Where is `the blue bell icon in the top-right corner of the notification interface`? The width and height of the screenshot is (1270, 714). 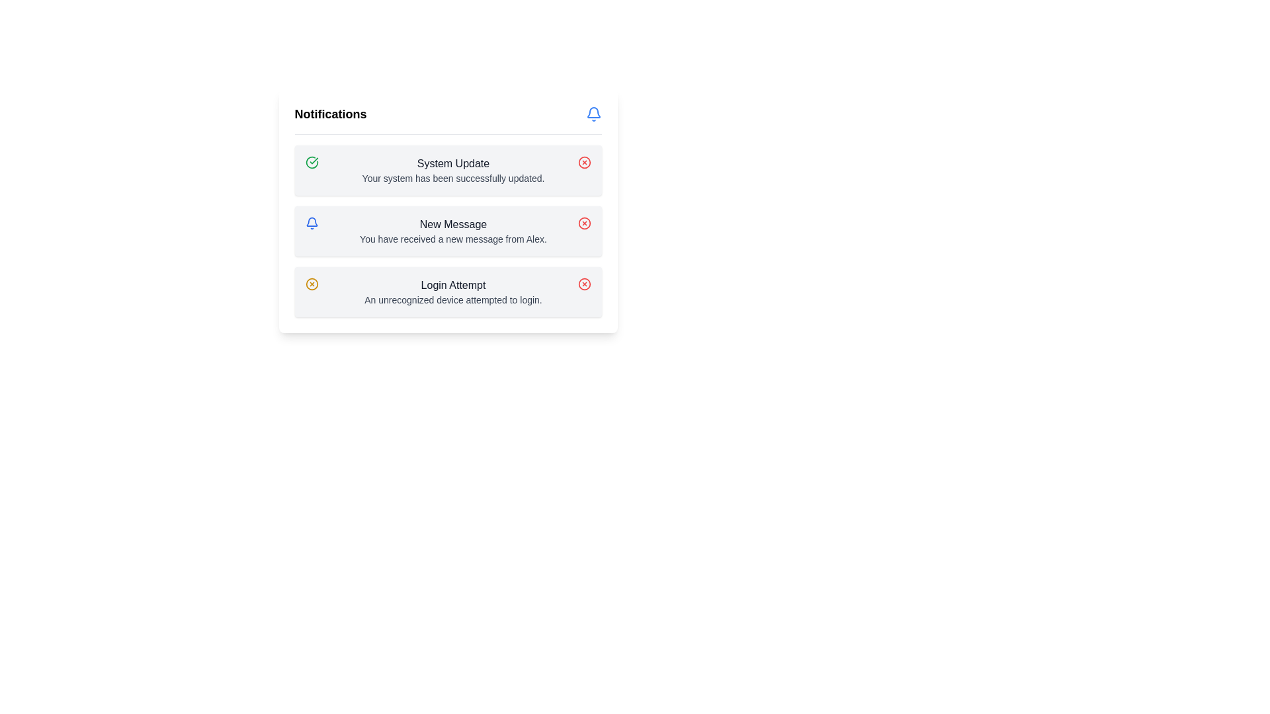
the blue bell icon in the top-right corner of the notification interface is located at coordinates (593, 112).